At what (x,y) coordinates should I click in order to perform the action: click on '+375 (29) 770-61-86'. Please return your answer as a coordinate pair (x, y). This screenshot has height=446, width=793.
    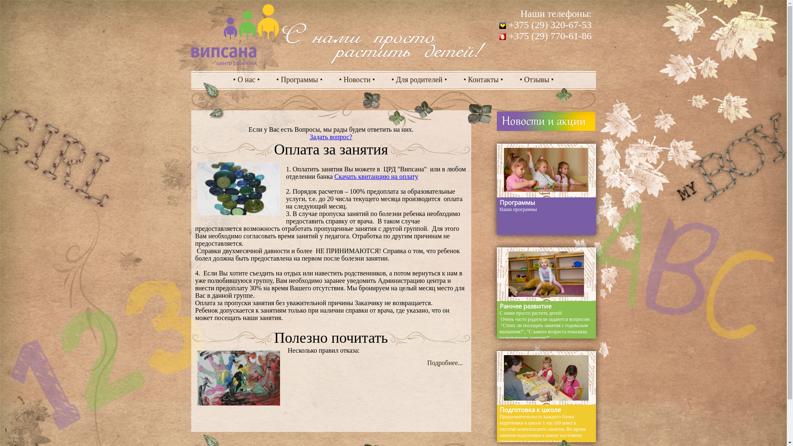
    Looking at the image, I should click on (545, 36).